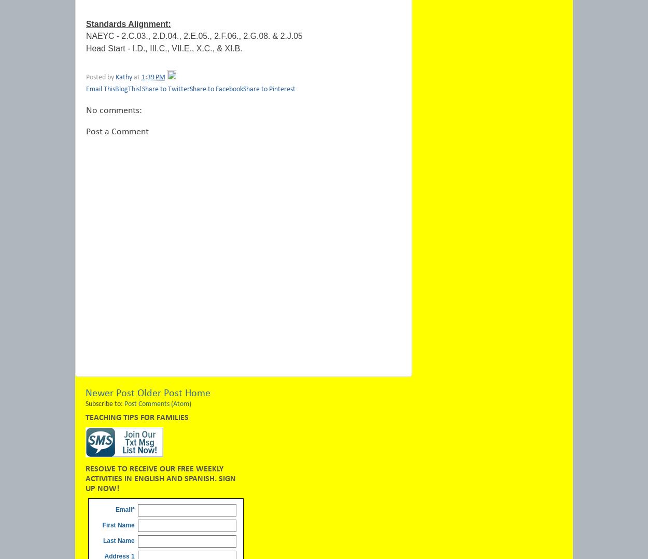 The image size is (648, 559). Describe the element at coordinates (134, 77) in the screenshot. I see `'at'` at that location.